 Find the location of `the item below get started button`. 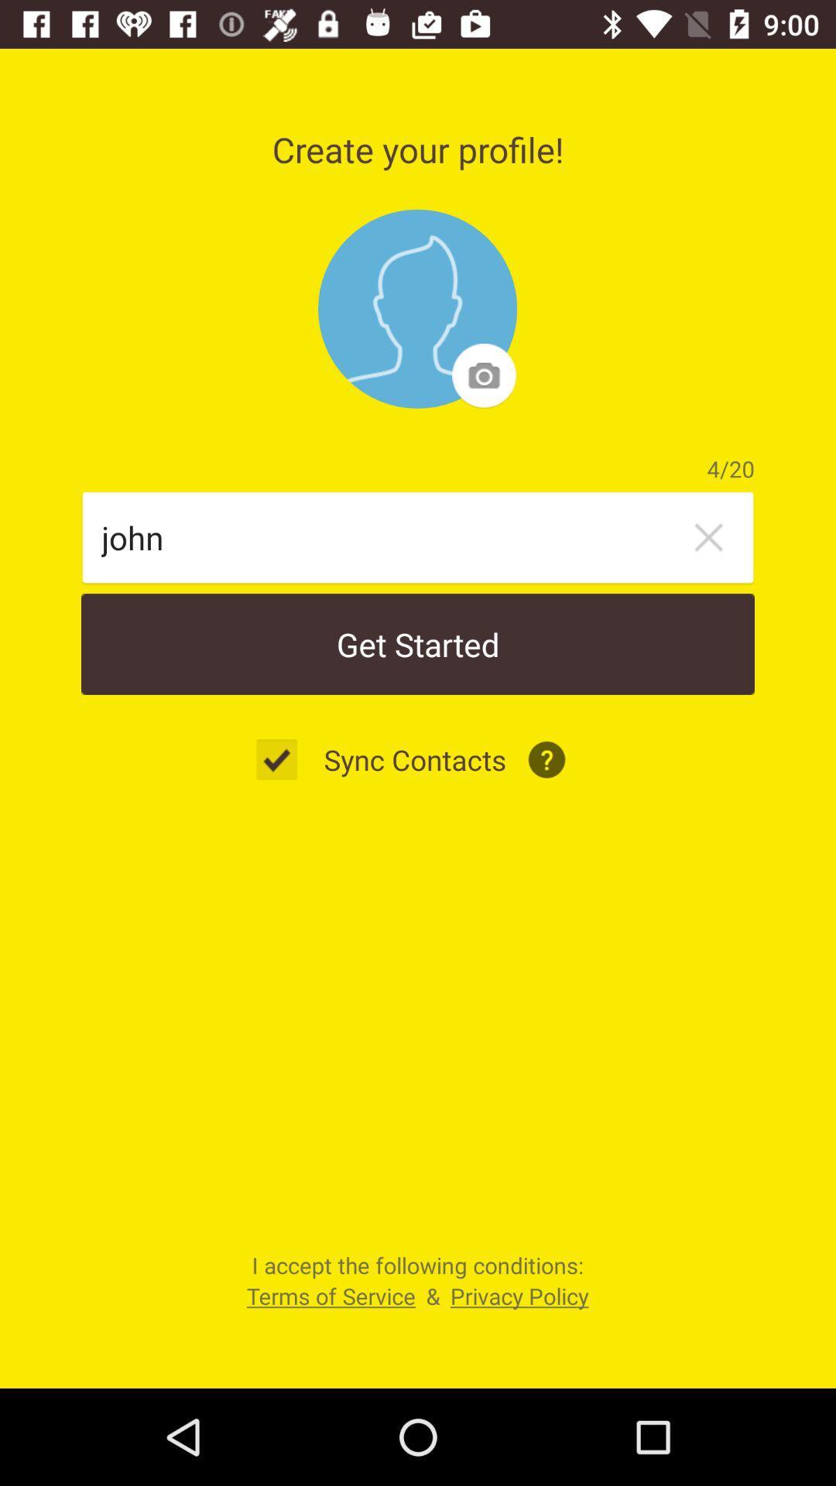

the item below get started button is located at coordinates (285, 759).